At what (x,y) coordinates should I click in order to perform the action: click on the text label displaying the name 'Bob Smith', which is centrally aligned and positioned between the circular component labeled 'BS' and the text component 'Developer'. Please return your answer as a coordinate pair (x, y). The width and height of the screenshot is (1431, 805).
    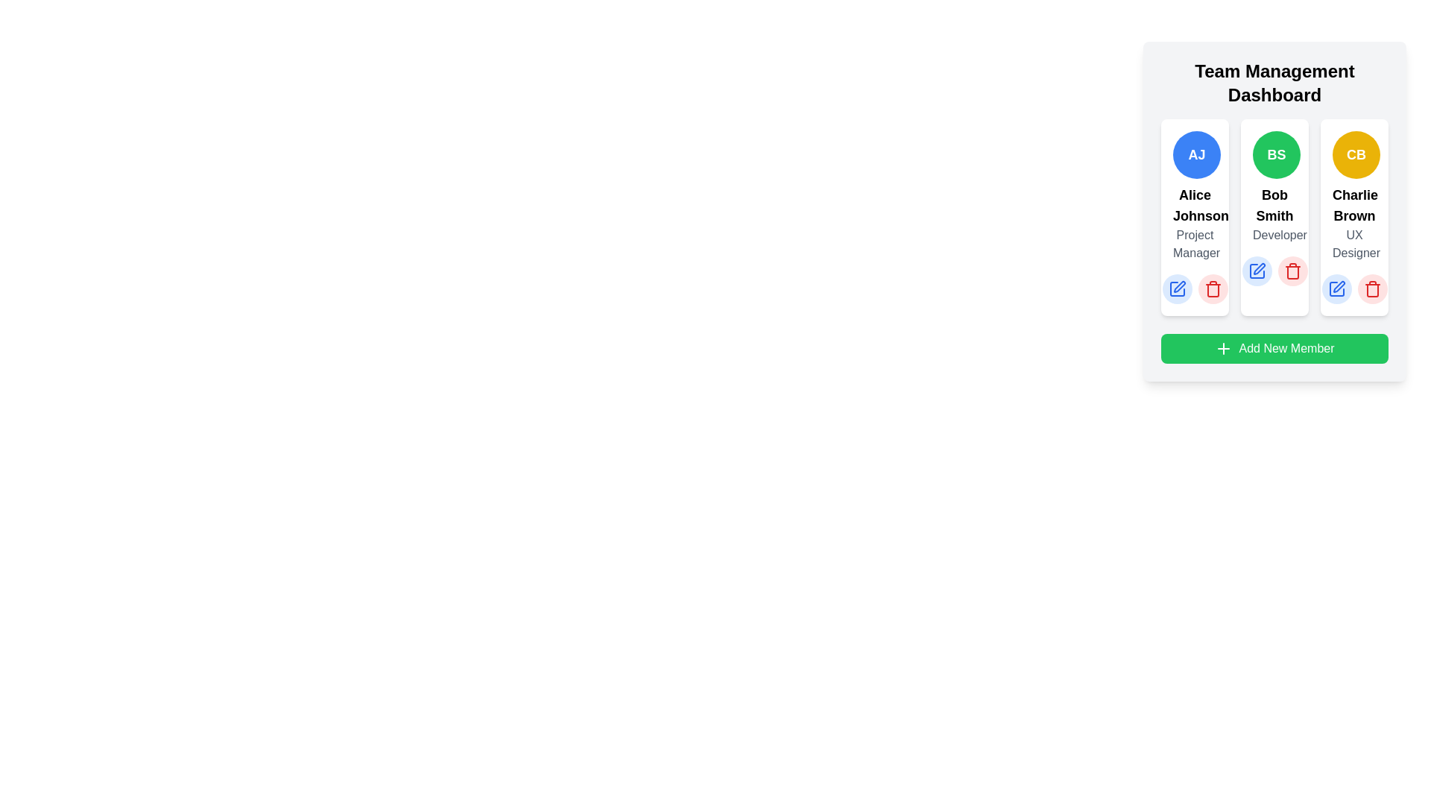
    Looking at the image, I should click on (1274, 206).